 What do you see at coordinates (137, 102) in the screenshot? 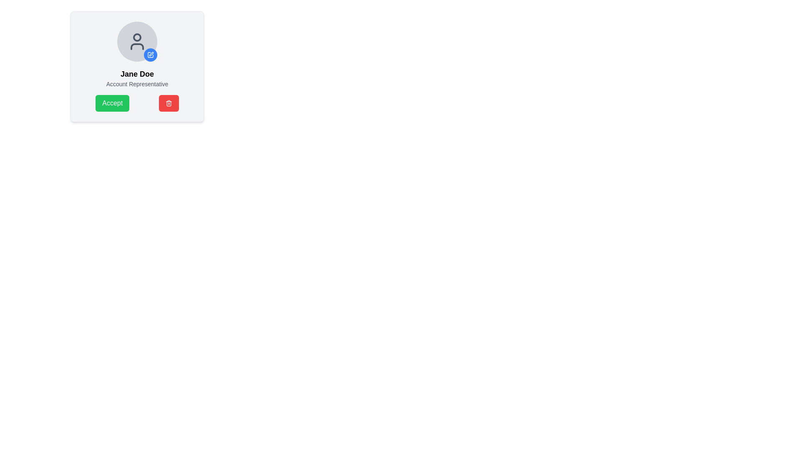
I see `the confirm button located in the bottom left of the user profile card` at bounding box center [137, 102].